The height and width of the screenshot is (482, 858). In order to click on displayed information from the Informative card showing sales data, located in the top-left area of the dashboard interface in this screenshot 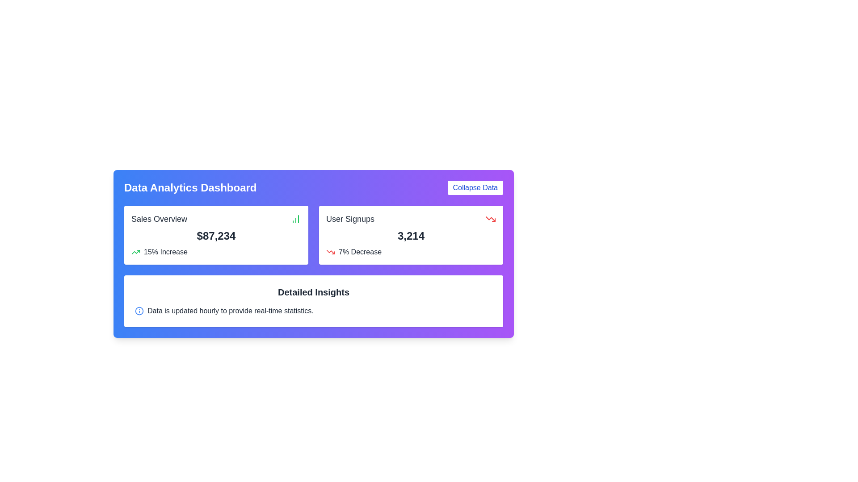, I will do `click(216, 235)`.